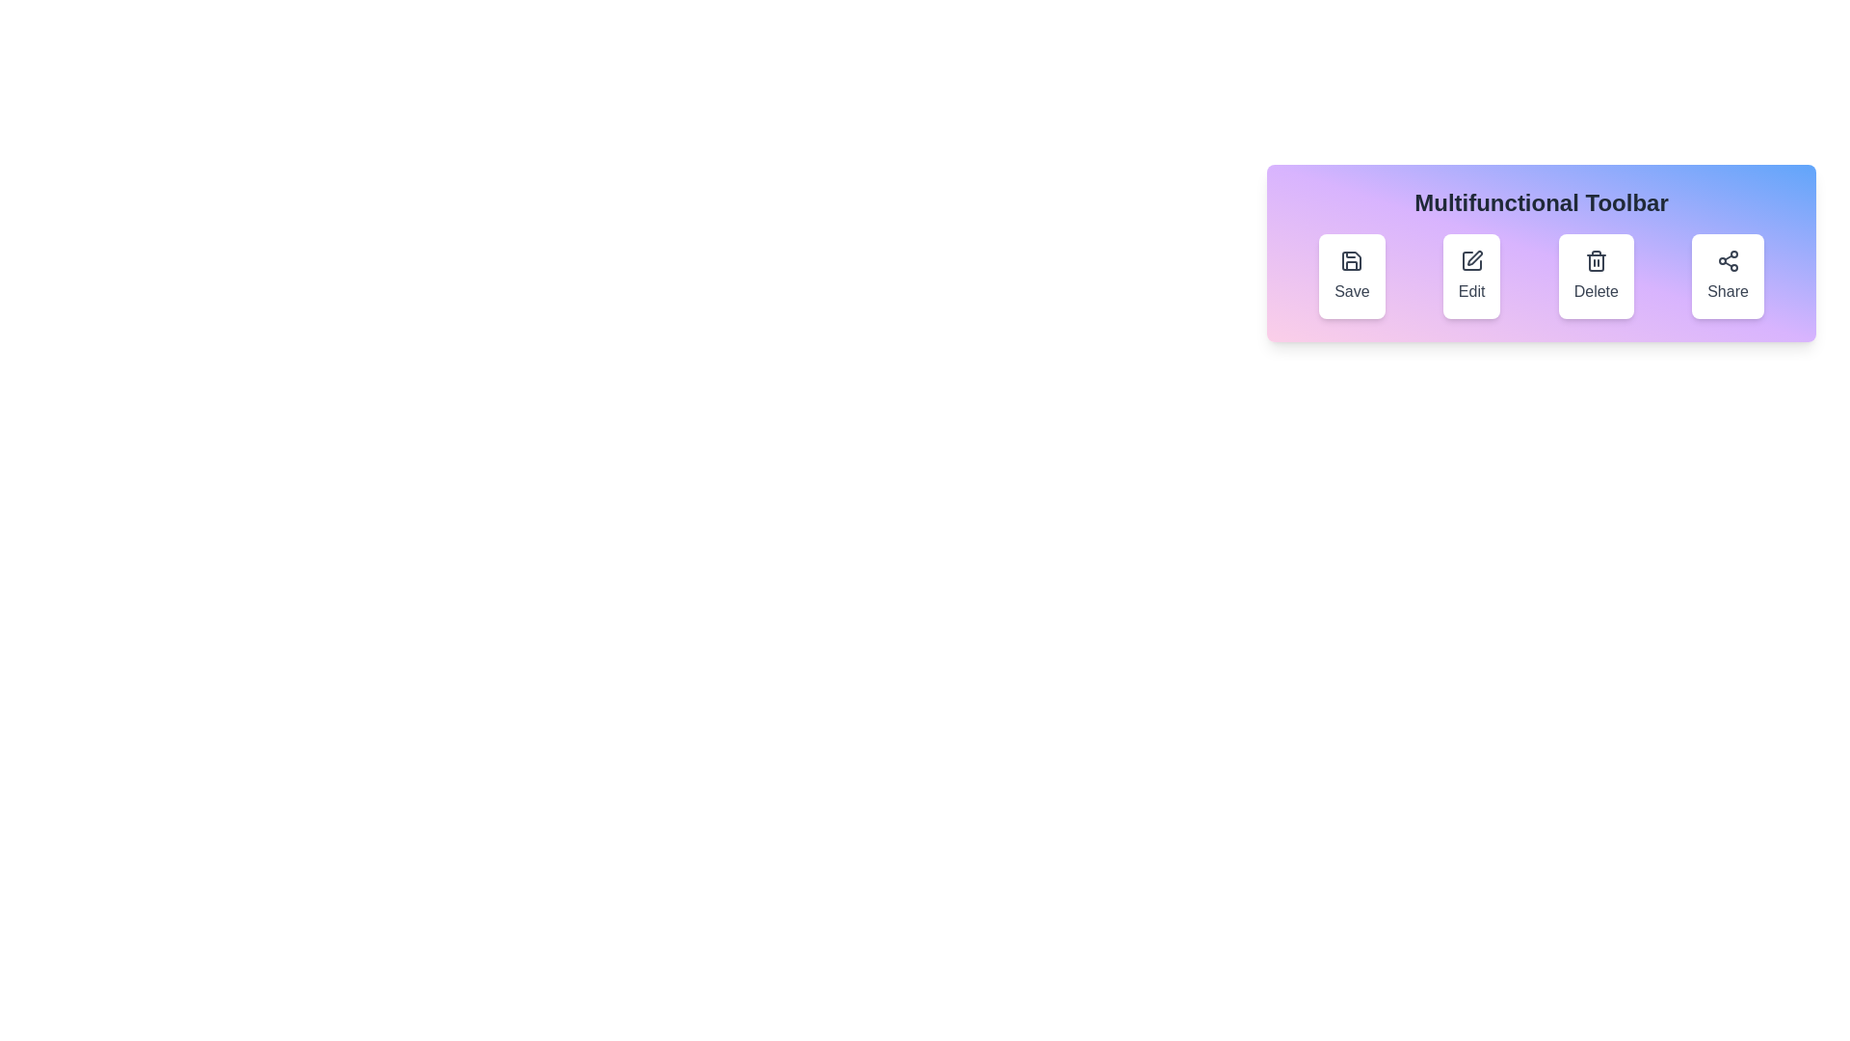  What do you see at coordinates (1728, 276) in the screenshot?
I see `the 'Share' button` at bounding box center [1728, 276].